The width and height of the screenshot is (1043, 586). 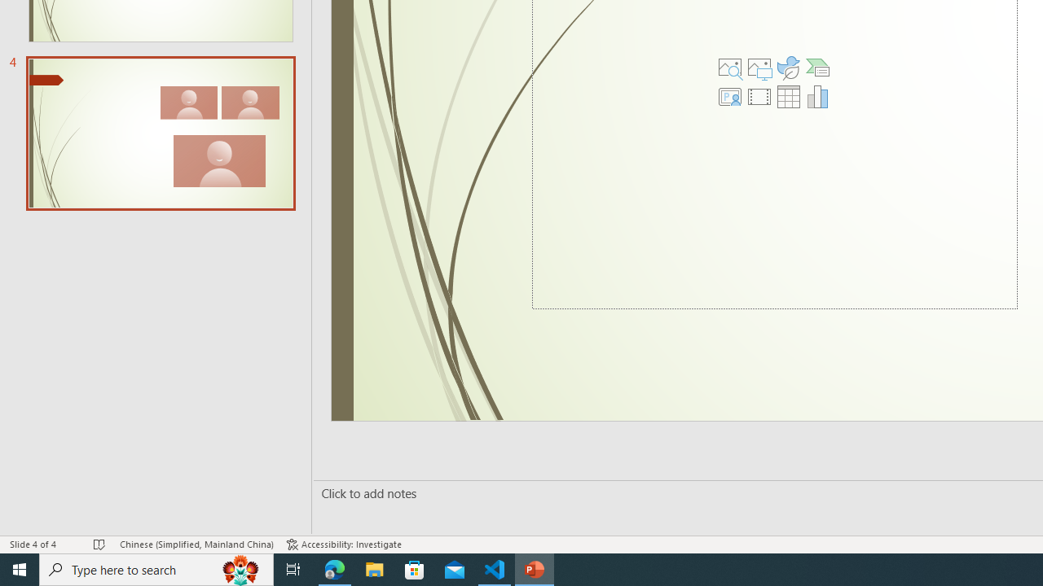 I want to click on 'Insert Table', so click(x=789, y=97).